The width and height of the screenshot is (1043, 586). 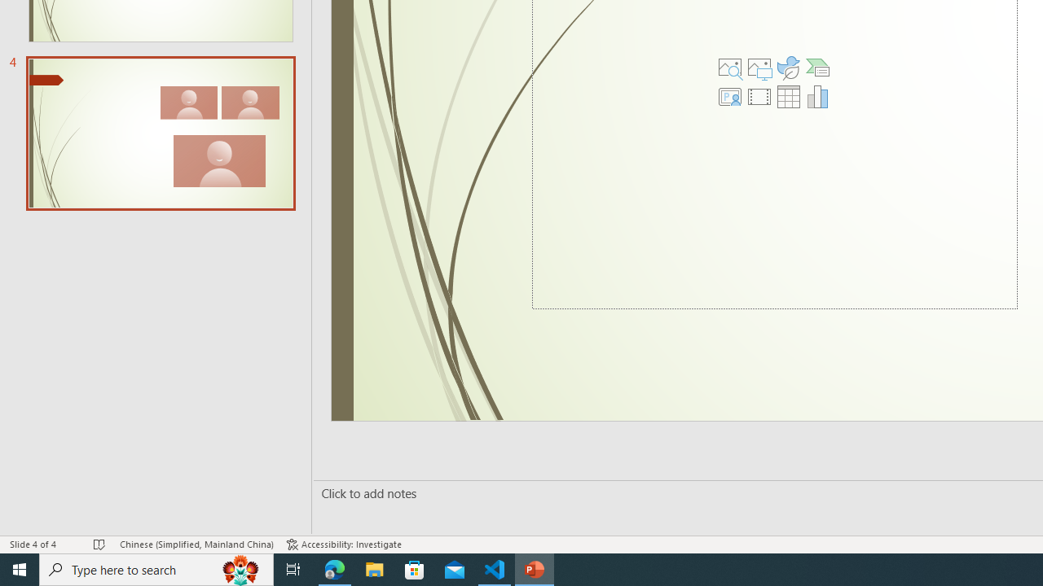 I want to click on 'Insert Table', so click(x=789, y=97).